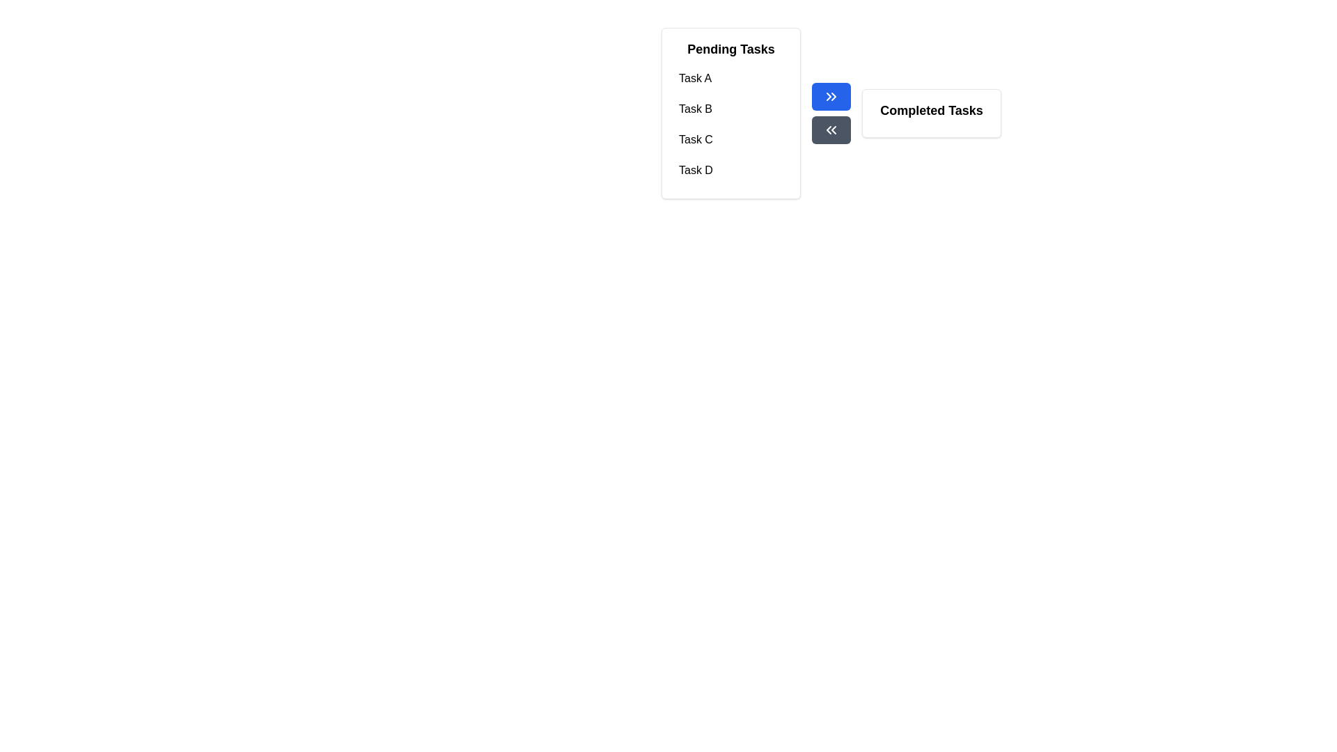 Image resolution: width=1337 pixels, height=752 pixels. I want to click on the 'Pending Tasks' label, so click(730, 48).